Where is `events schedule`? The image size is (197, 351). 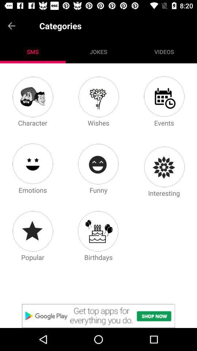 events schedule is located at coordinates (164, 96).